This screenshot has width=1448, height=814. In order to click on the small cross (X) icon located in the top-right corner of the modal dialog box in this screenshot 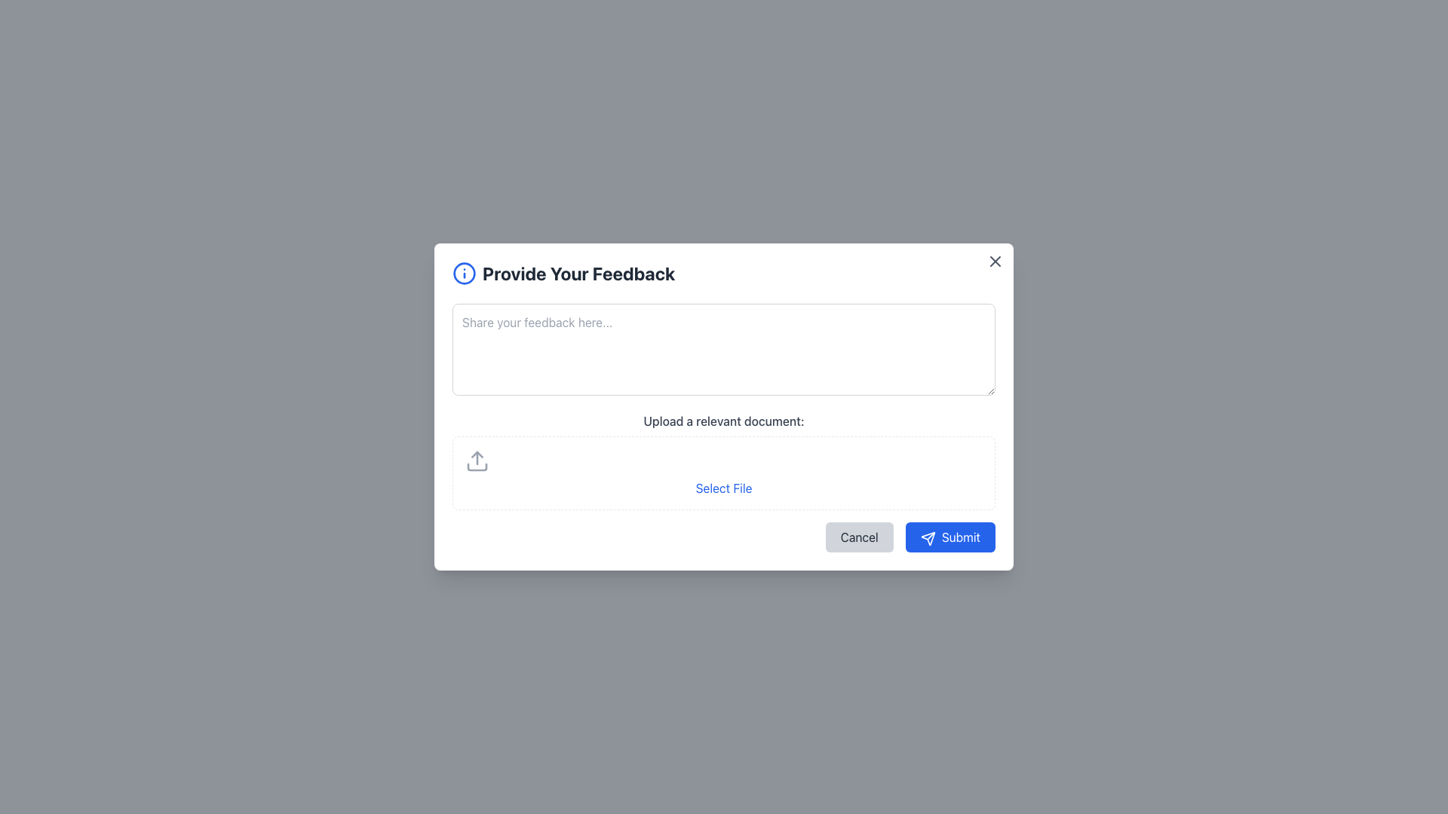, I will do `click(995, 261)`.